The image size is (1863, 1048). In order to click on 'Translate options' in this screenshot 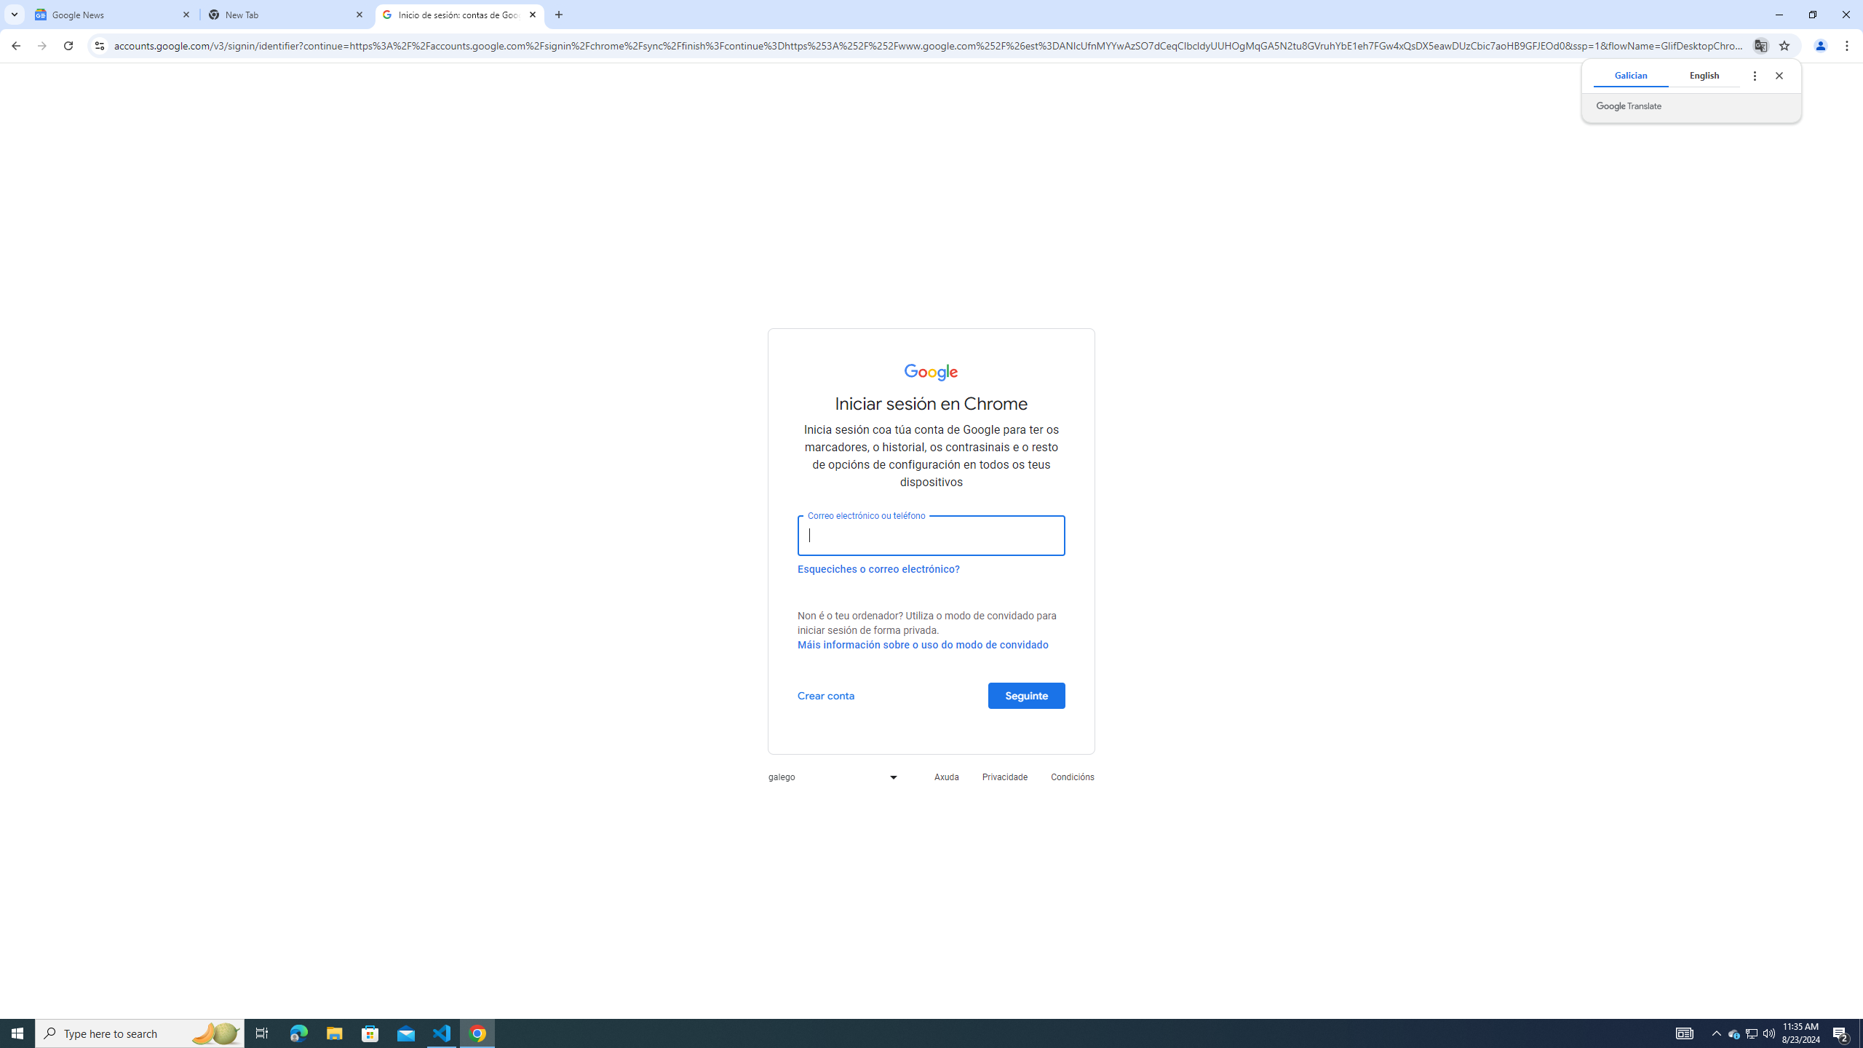, I will do `click(1753, 75)`.